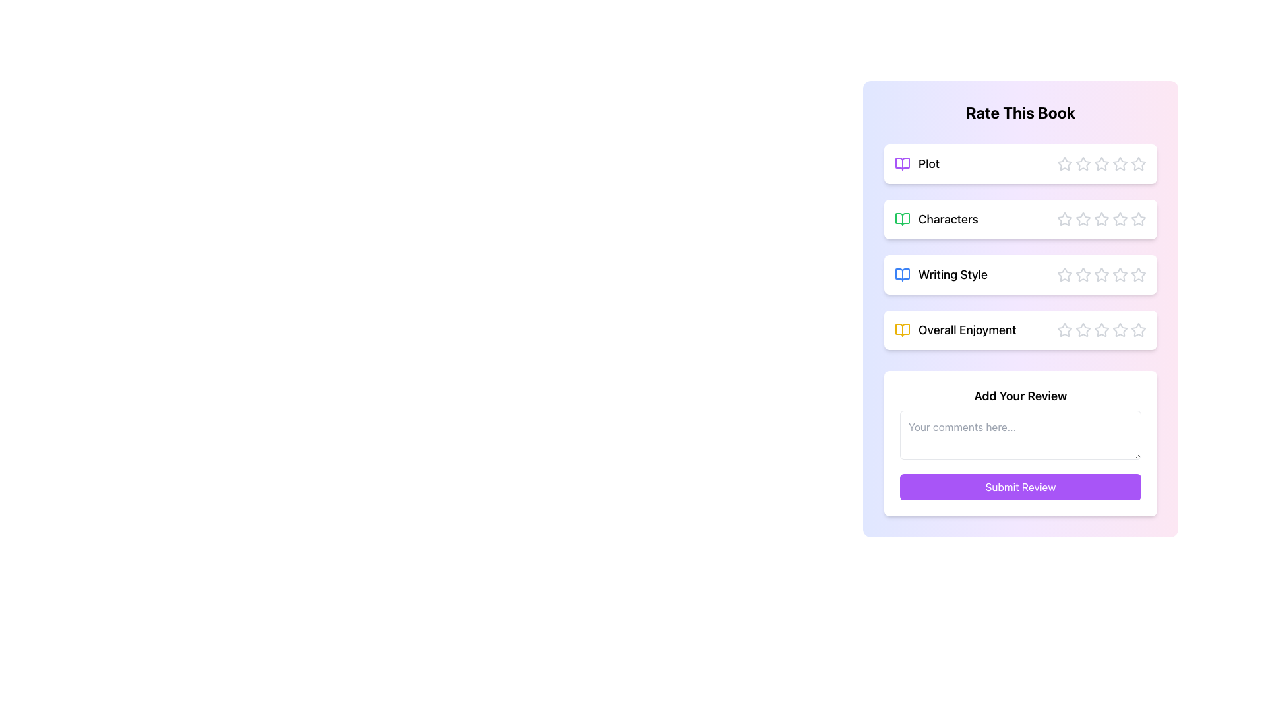  Describe the element at coordinates (1138, 274) in the screenshot. I see `the fifth star in the horizontal series of five stars under the 'Writing Style' category` at that location.